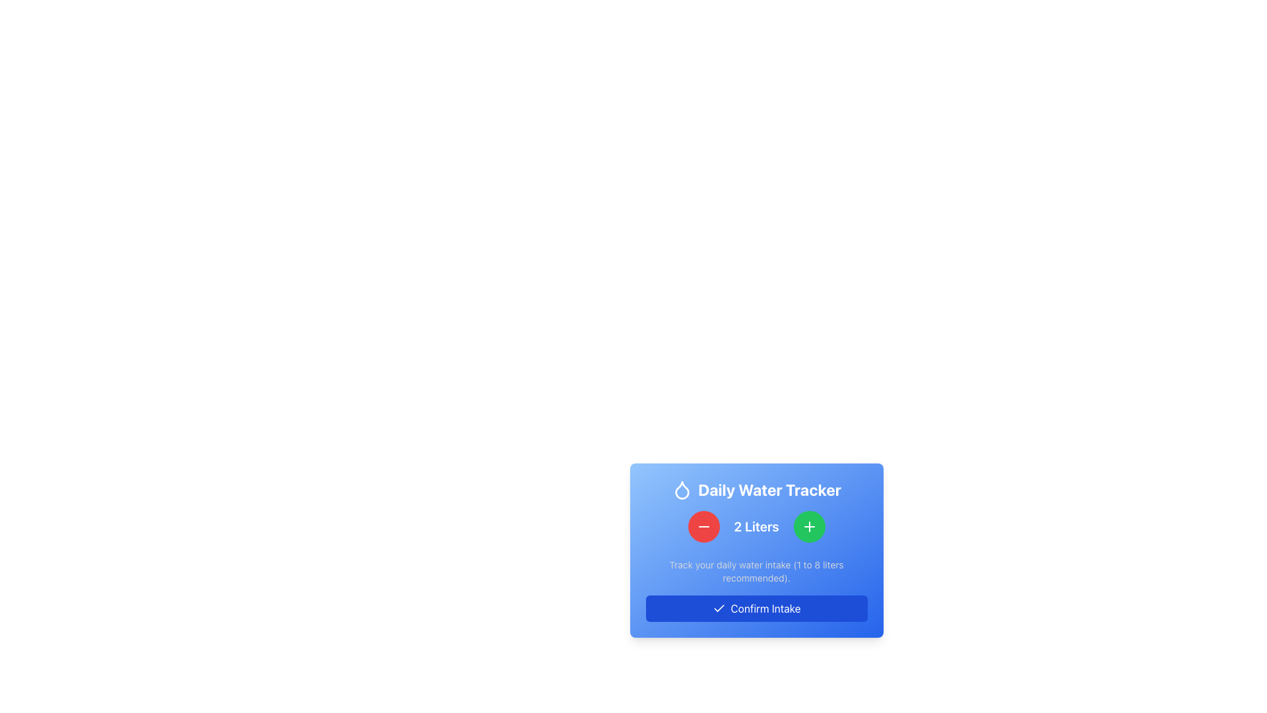 The height and width of the screenshot is (713, 1267). I want to click on the red circular button that decreases the liters value, located to the left of the '2 Liters' text, so click(703, 526).